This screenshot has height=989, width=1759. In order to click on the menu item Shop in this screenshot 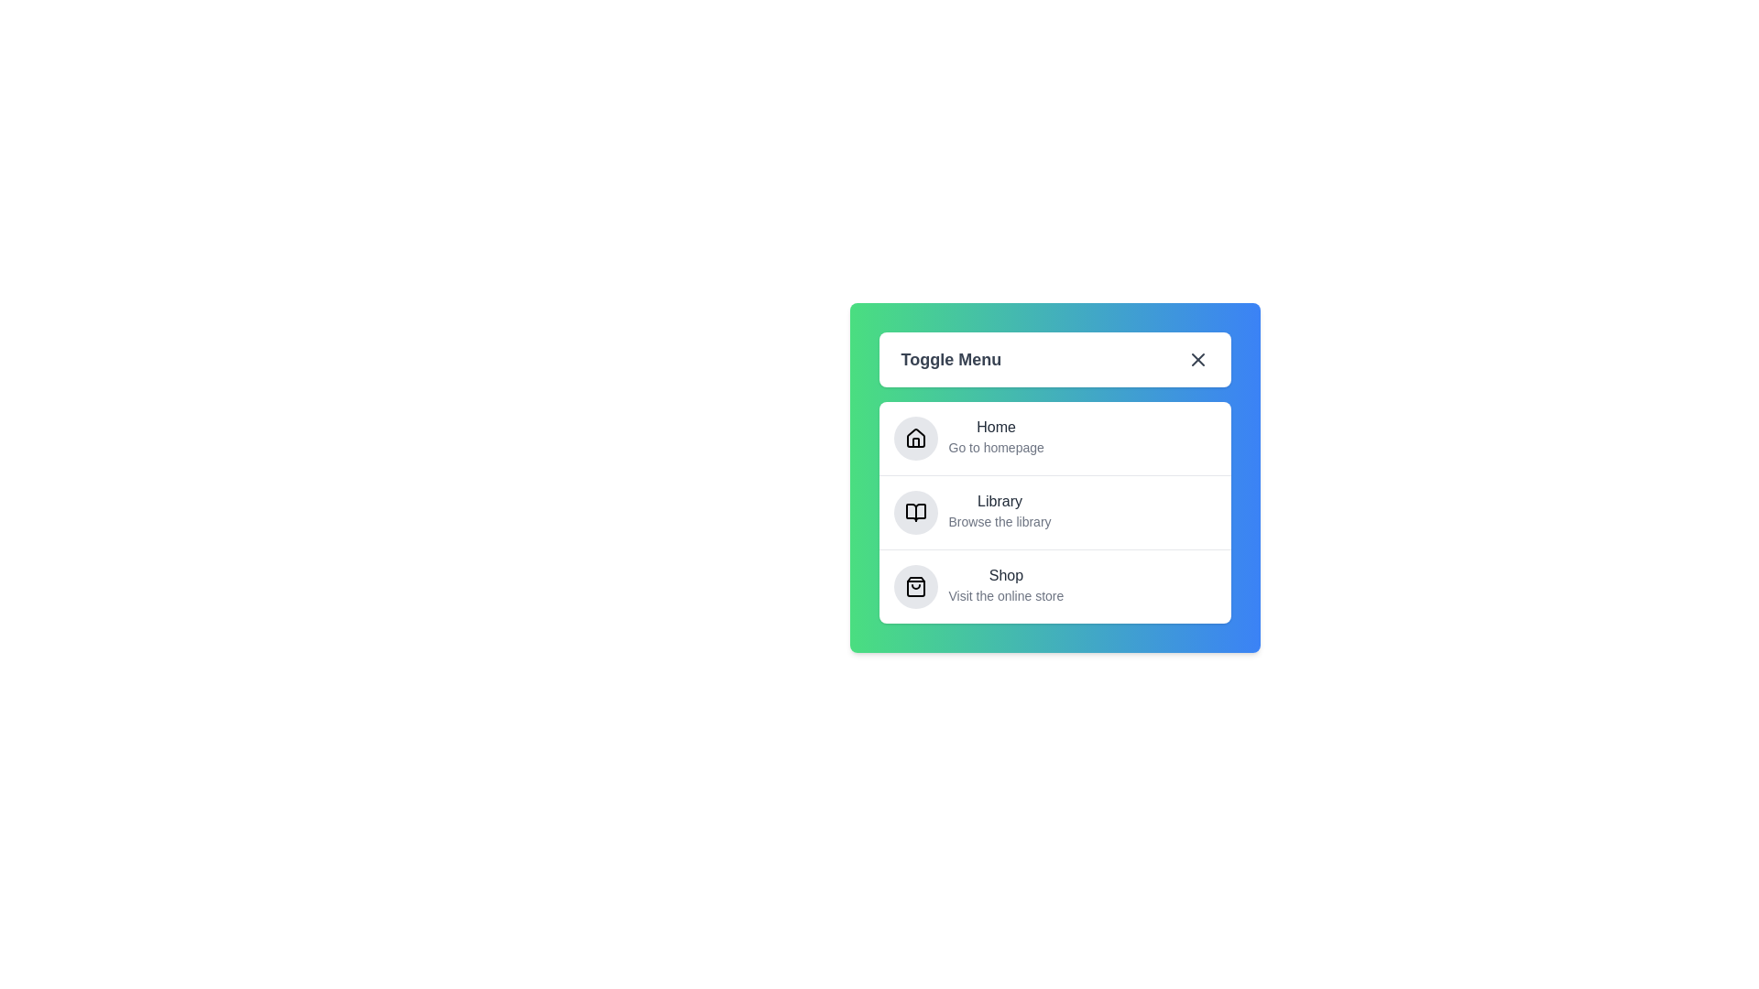, I will do `click(1005, 574)`.